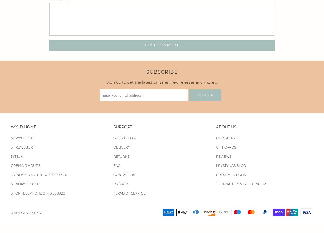  I want to click on 'JOURNALISTS & INFLUENCERS', so click(241, 183).